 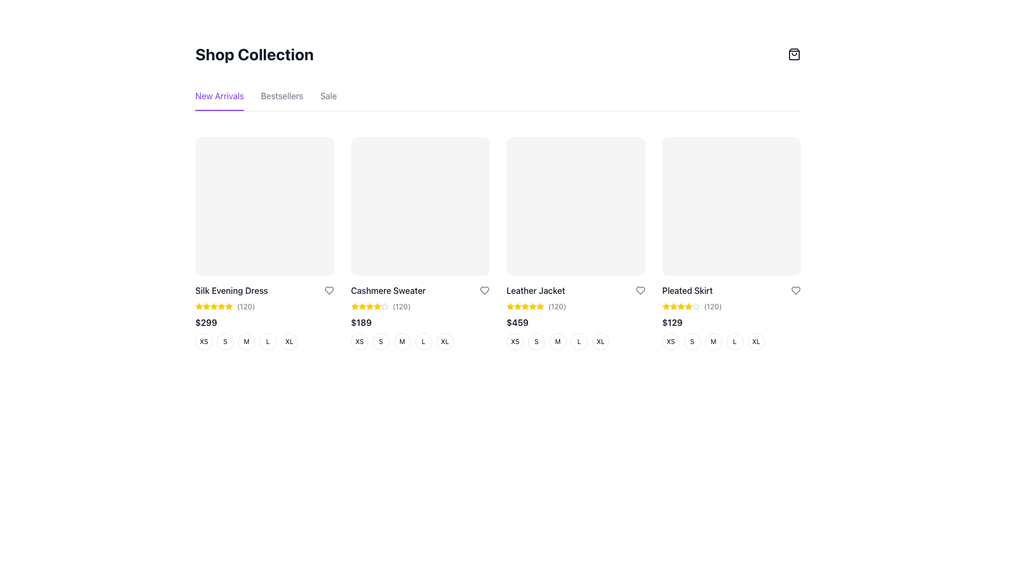 What do you see at coordinates (384, 306) in the screenshot?
I see `the second unfilled gray star icon` at bounding box center [384, 306].